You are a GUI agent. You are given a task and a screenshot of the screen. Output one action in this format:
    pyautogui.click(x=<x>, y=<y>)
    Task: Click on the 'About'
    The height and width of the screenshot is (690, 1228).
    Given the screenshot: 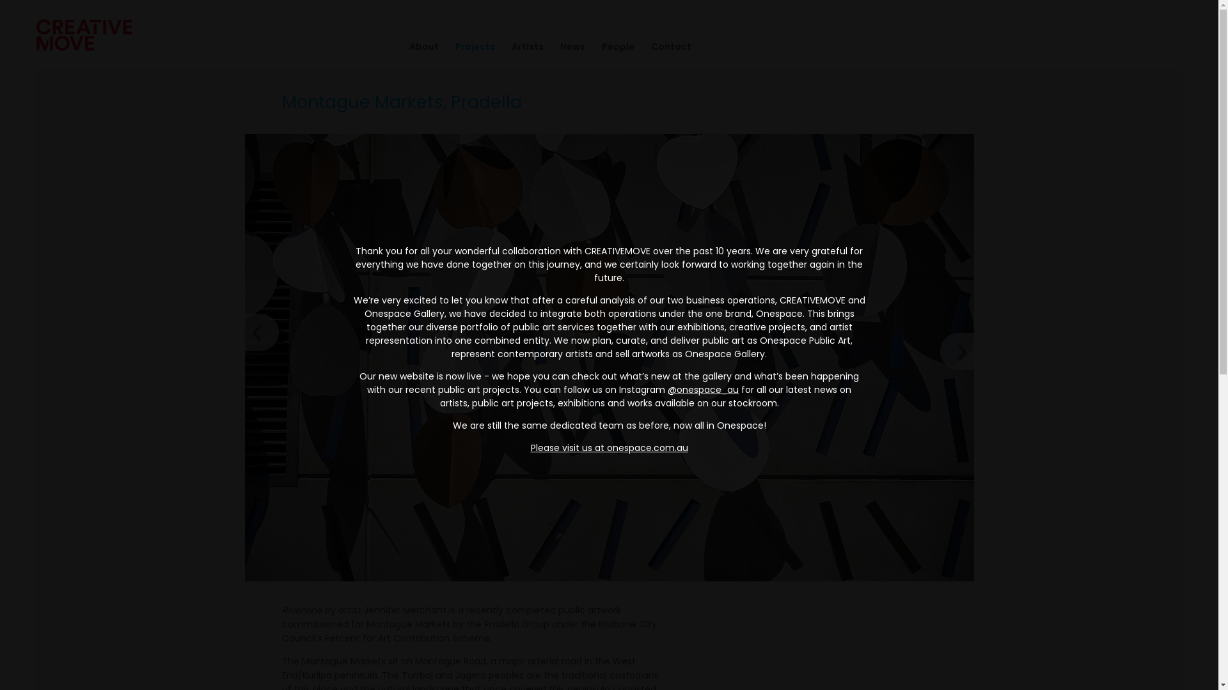 What is the action you would take?
    pyautogui.click(x=415, y=46)
    